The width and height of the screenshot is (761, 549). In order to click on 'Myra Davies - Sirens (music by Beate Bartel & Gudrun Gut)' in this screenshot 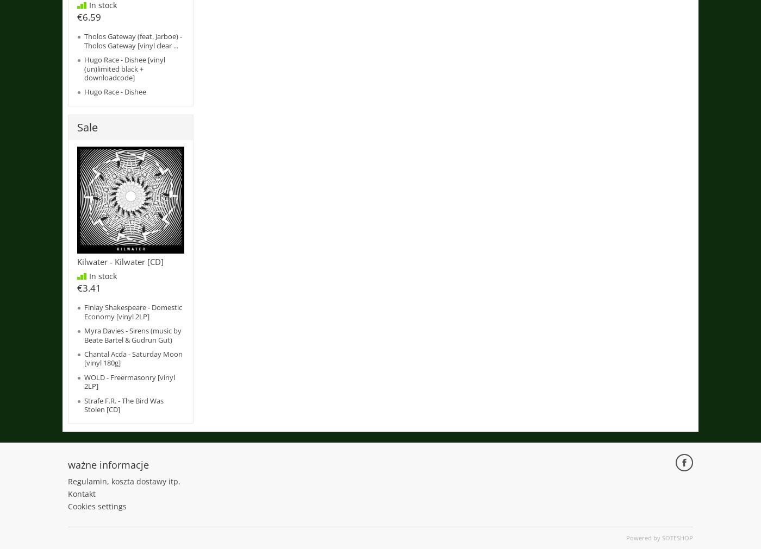, I will do `click(84, 335)`.